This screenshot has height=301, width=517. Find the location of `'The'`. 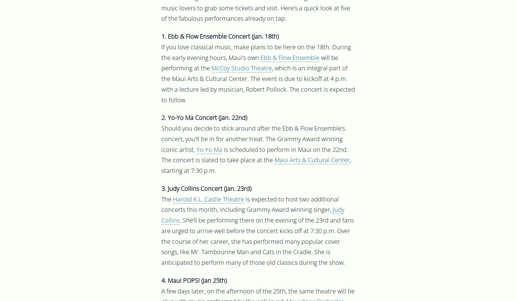

'The' is located at coordinates (167, 200).